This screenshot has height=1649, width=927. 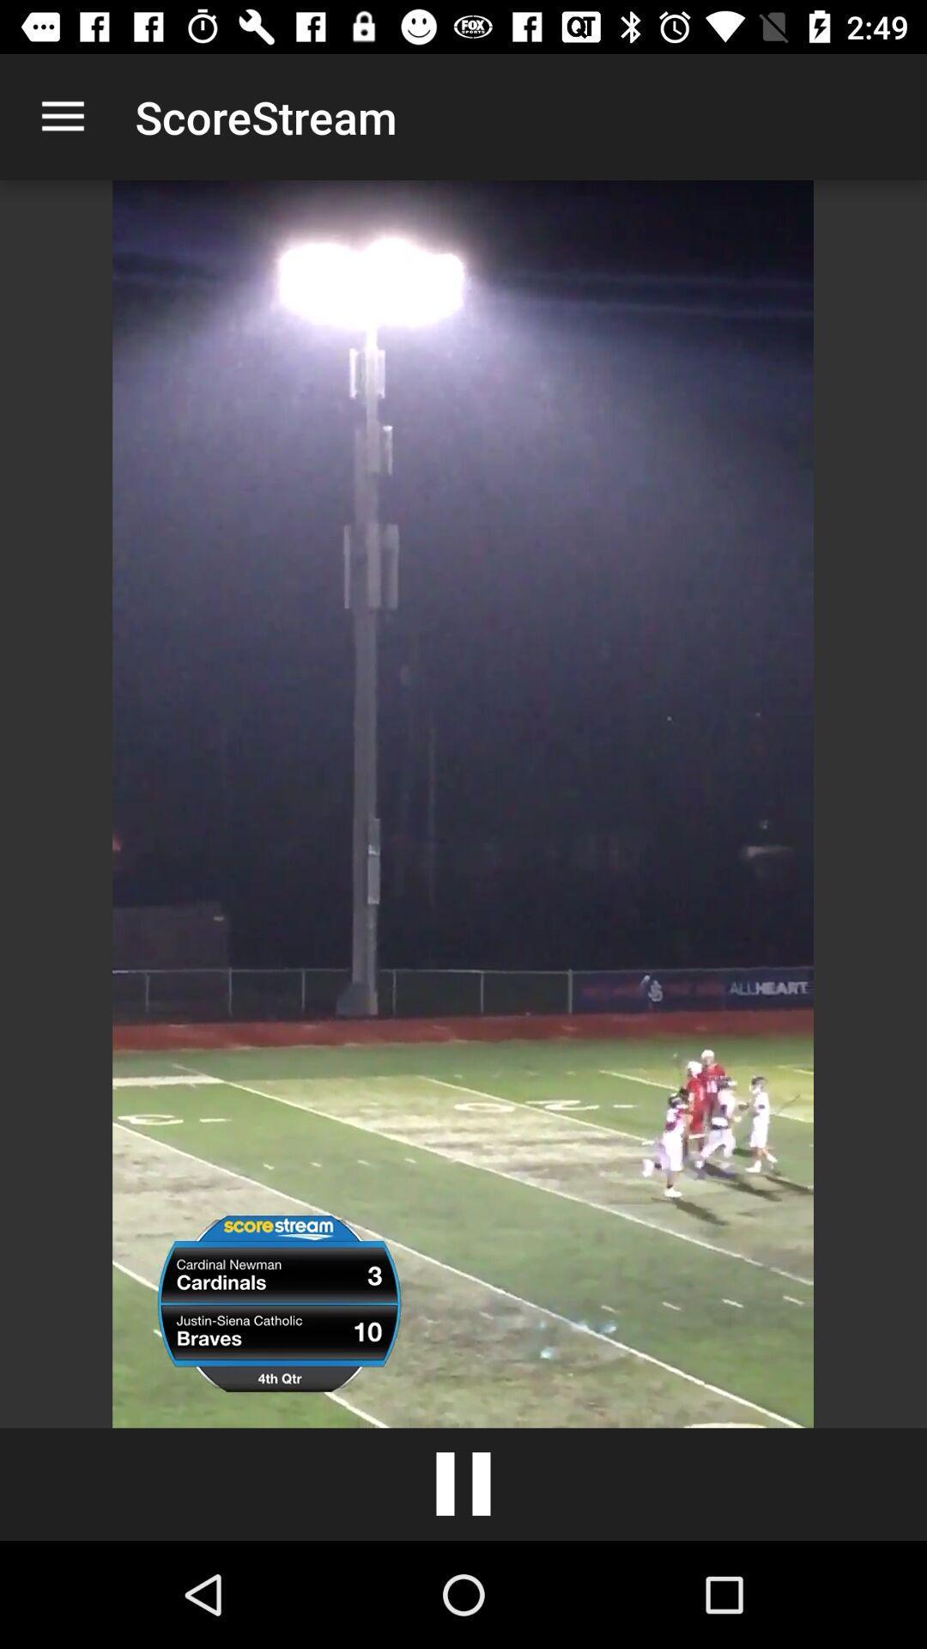 What do you see at coordinates (463, 1483) in the screenshot?
I see `the pause icon` at bounding box center [463, 1483].